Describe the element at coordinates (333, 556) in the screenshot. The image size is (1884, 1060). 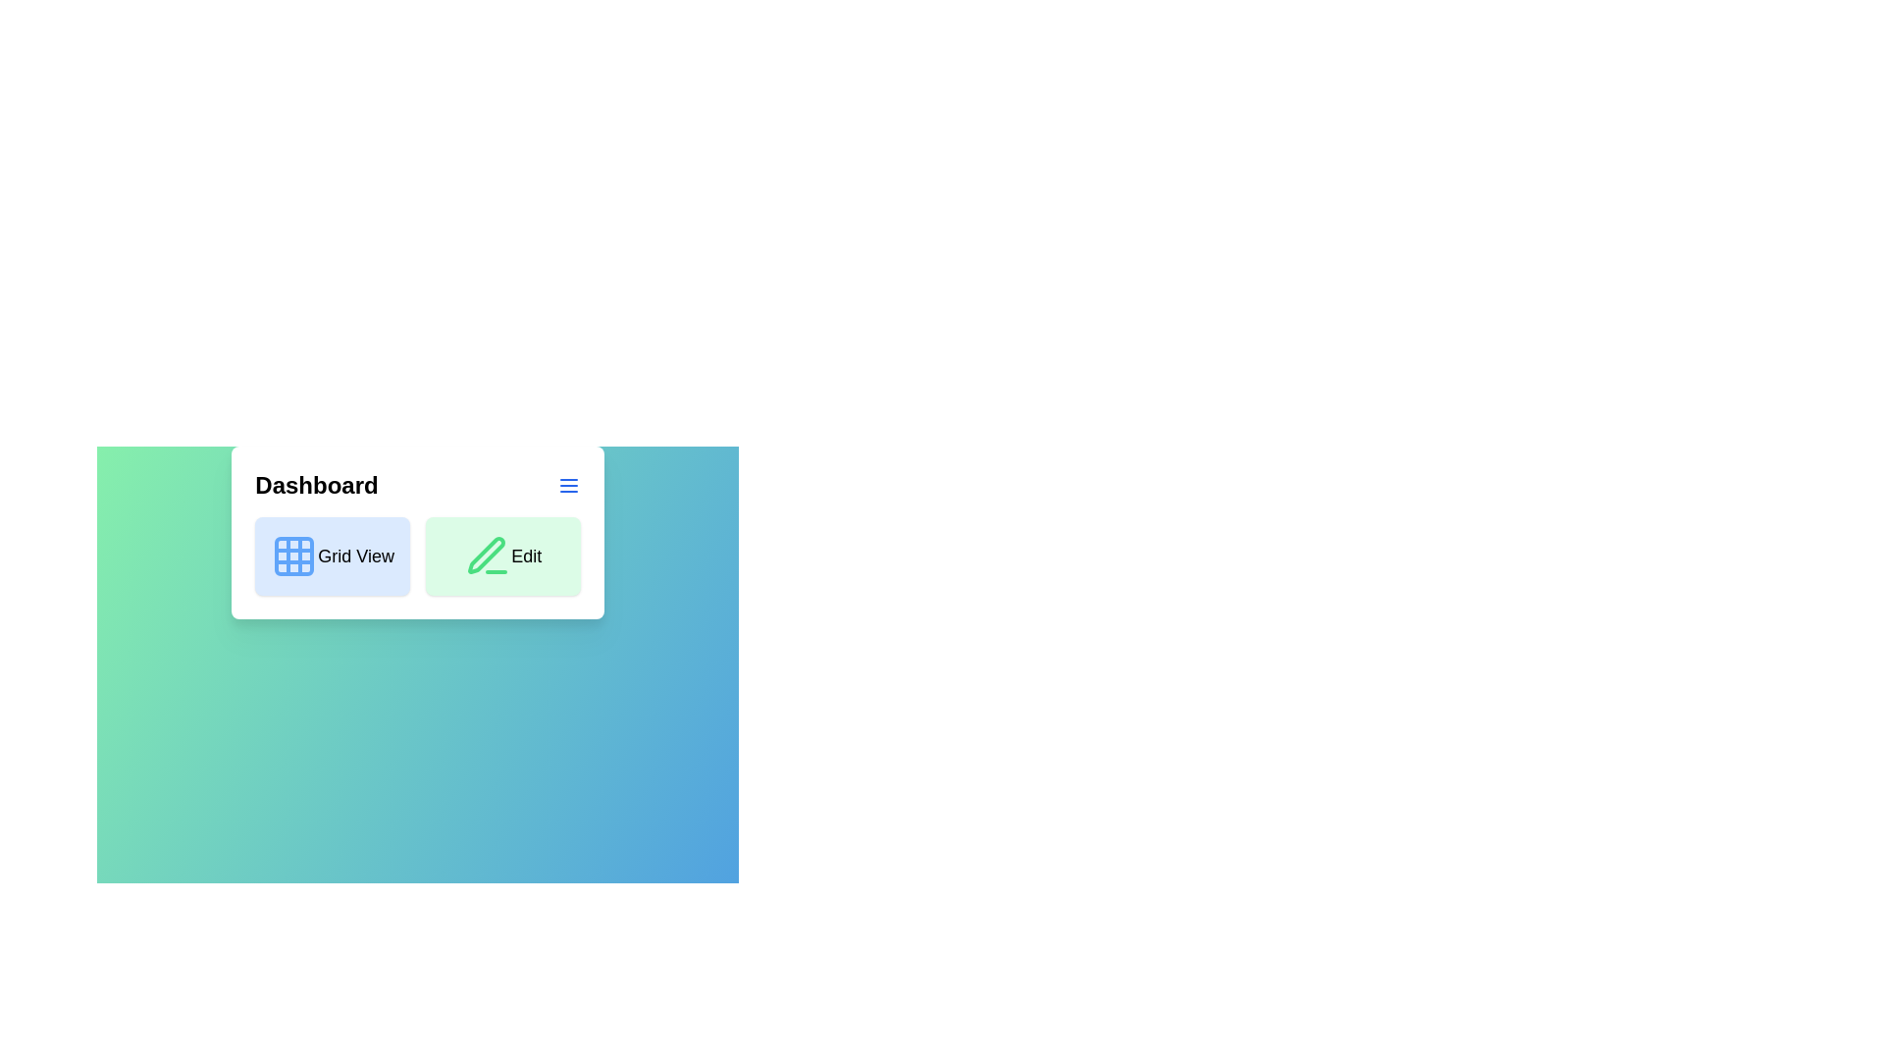
I see `the interactive element Grid View to observe its visual feedback` at that location.